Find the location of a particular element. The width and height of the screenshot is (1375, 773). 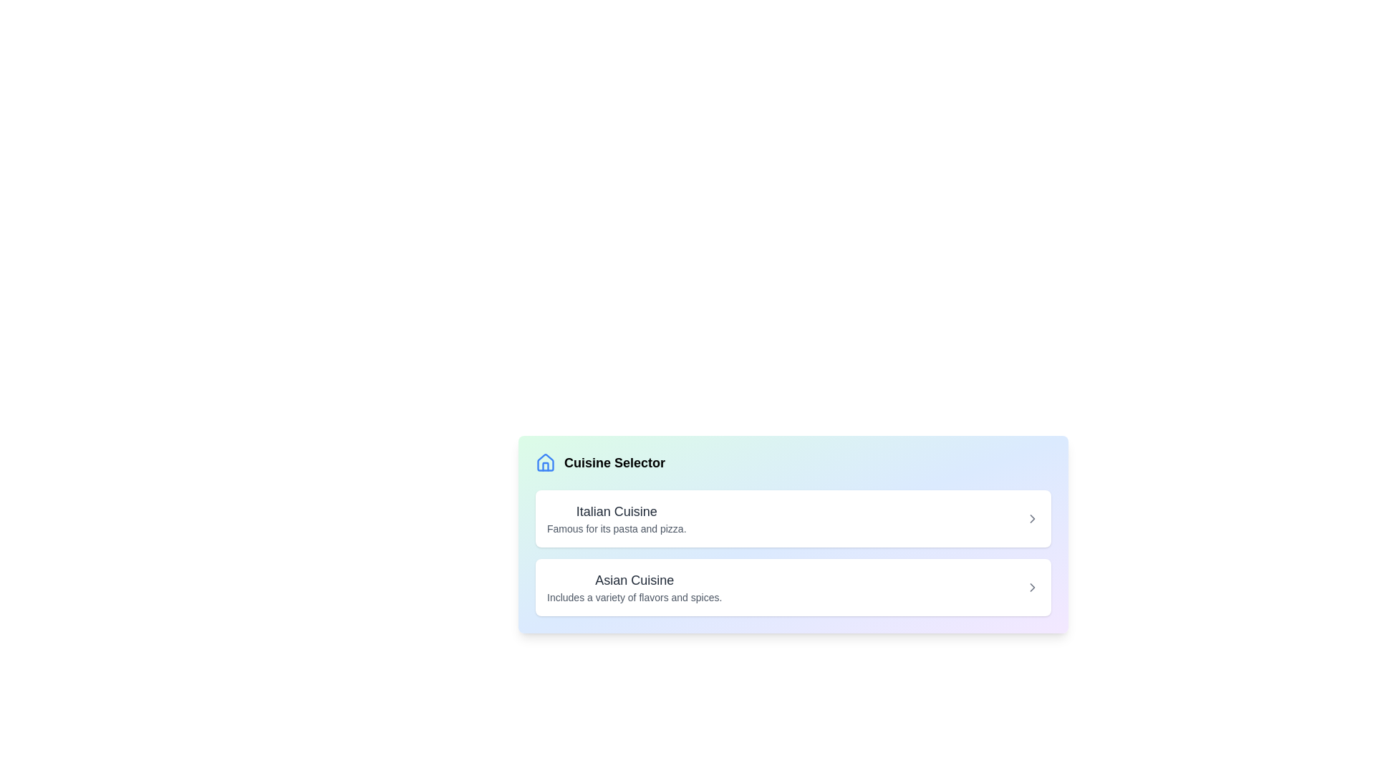

the second list item representing 'Asian Cuisine' is located at coordinates (793, 588).